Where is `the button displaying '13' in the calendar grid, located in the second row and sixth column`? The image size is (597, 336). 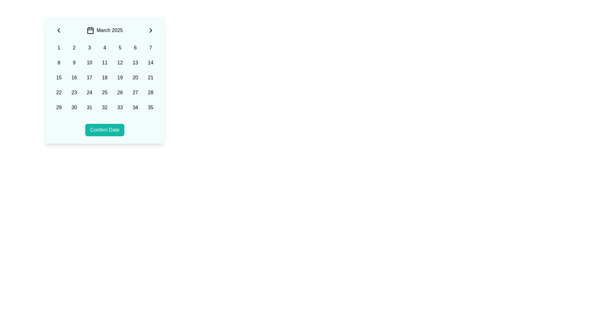 the button displaying '13' in the calendar grid, located in the second row and sixth column is located at coordinates (135, 63).